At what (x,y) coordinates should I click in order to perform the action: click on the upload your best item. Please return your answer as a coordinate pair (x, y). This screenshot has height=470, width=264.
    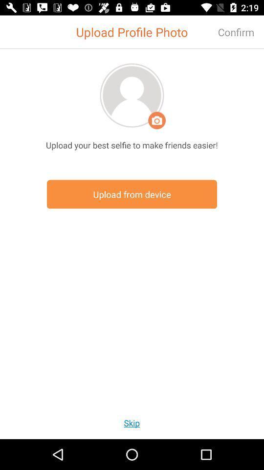
    Looking at the image, I should click on (132, 144).